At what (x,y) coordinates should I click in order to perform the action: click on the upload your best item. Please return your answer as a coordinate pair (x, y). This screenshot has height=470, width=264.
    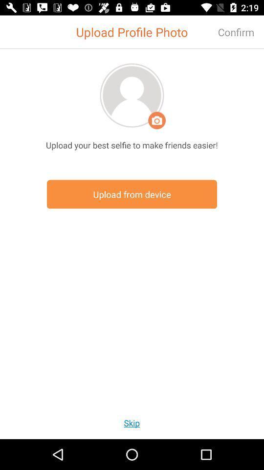
    Looking at the image, I should click on (132, 144).